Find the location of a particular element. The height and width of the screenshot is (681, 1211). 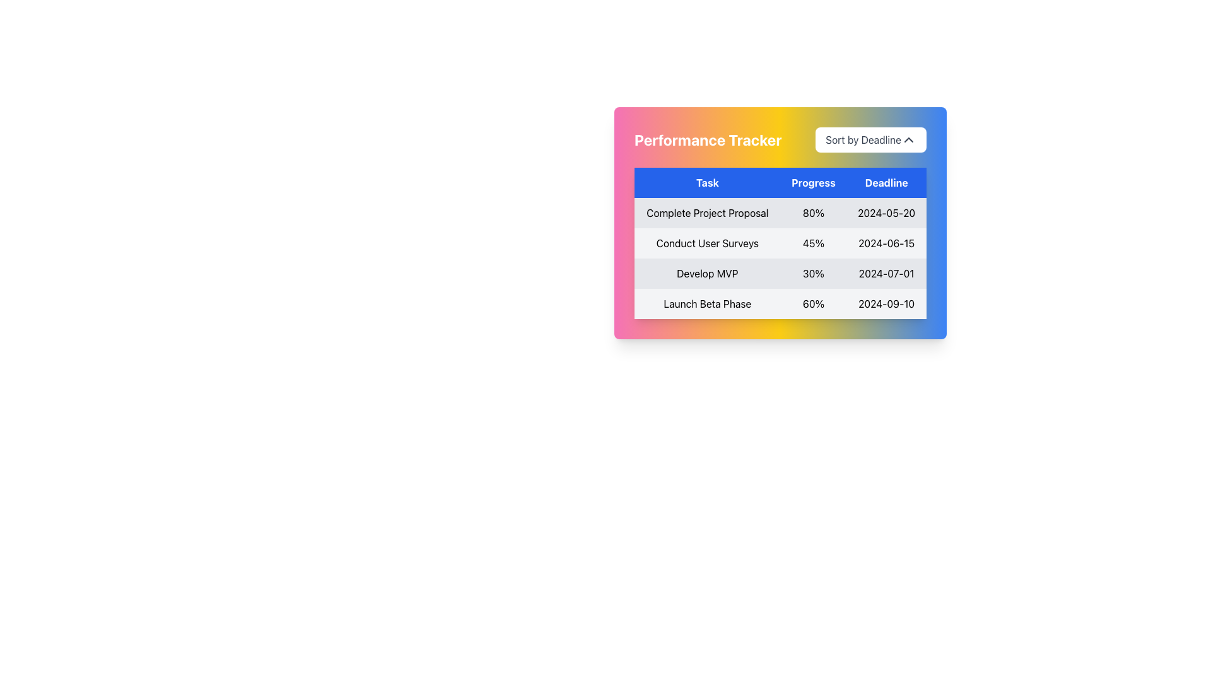

the text label displaying the deadline for the task 'Conduct User Surveys' located in the third column of the table is located at coordinates (886, 243).